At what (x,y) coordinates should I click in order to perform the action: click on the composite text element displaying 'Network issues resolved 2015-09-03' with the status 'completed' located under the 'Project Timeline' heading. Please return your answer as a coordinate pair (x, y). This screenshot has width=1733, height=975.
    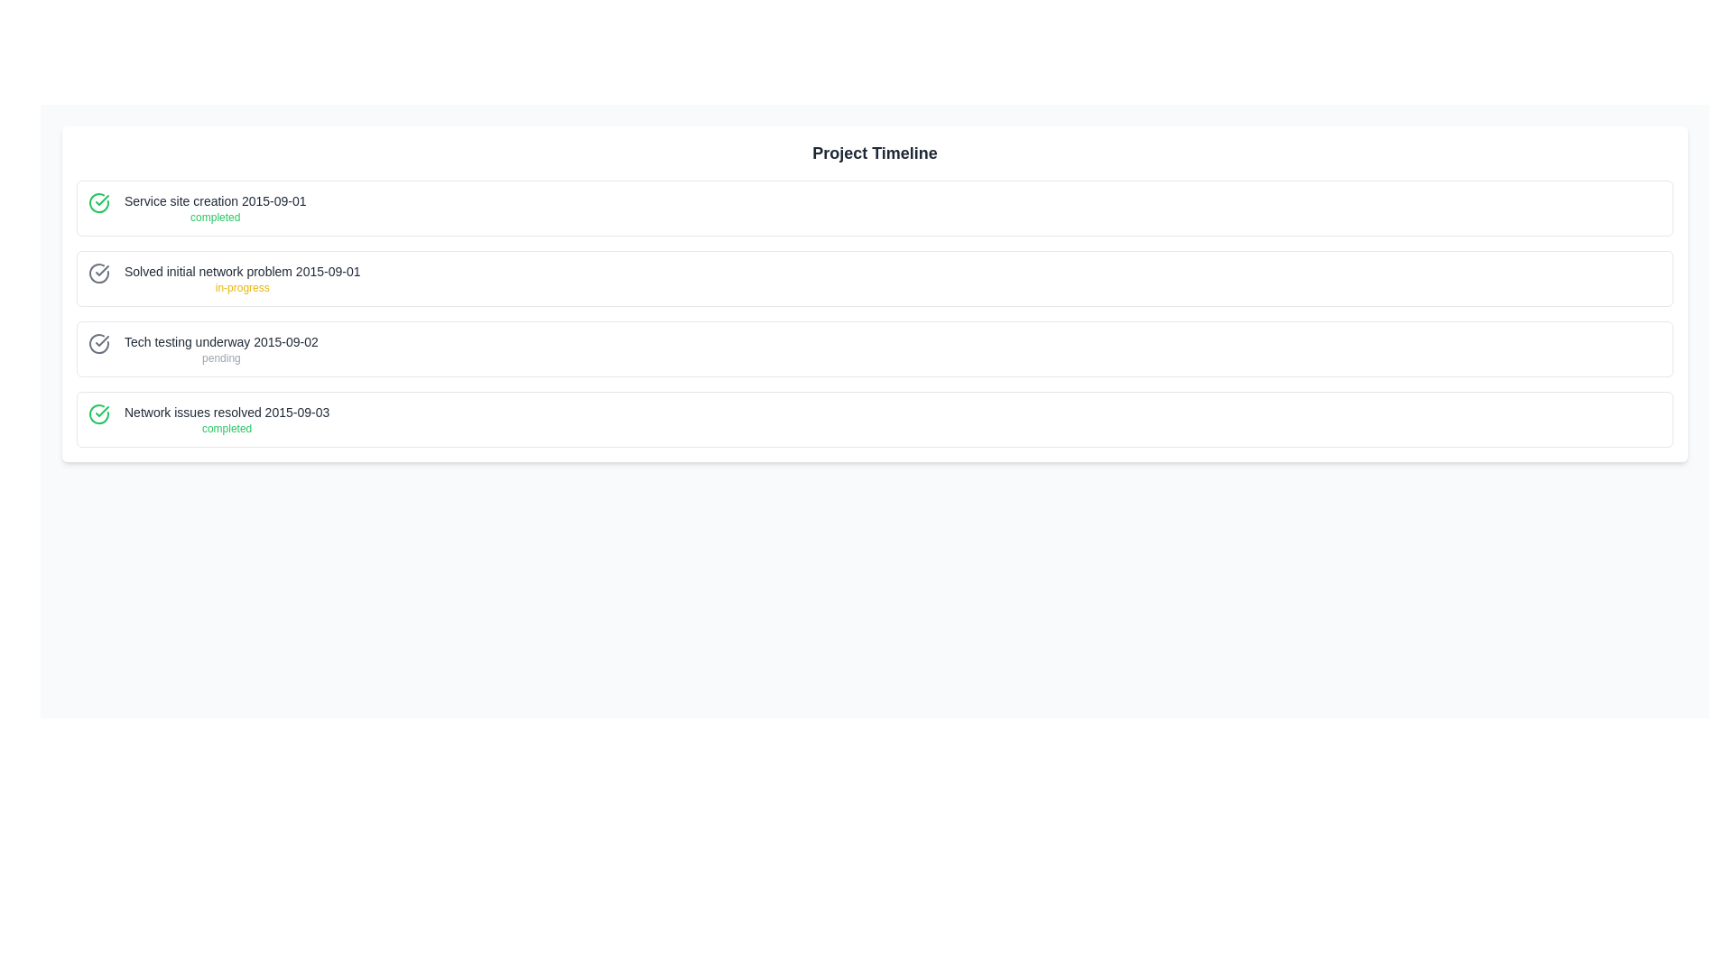
    Looking at the image, I should click on (226, 420).